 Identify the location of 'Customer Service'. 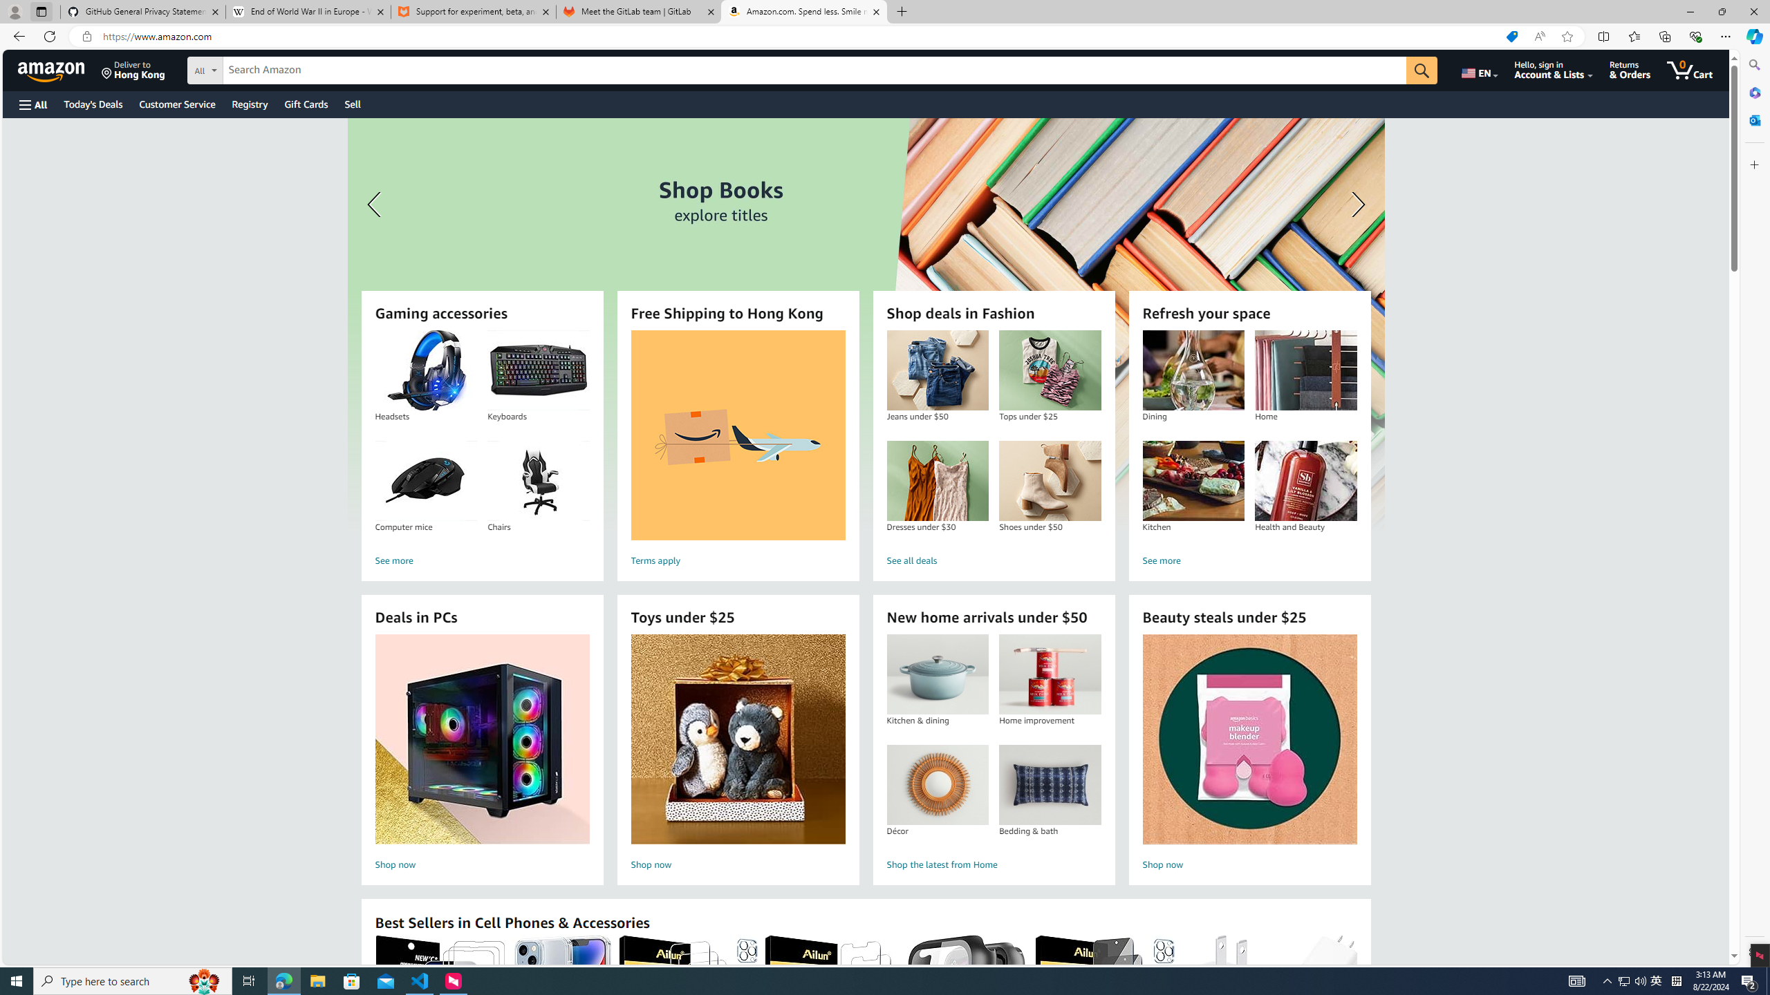
(177, 104).